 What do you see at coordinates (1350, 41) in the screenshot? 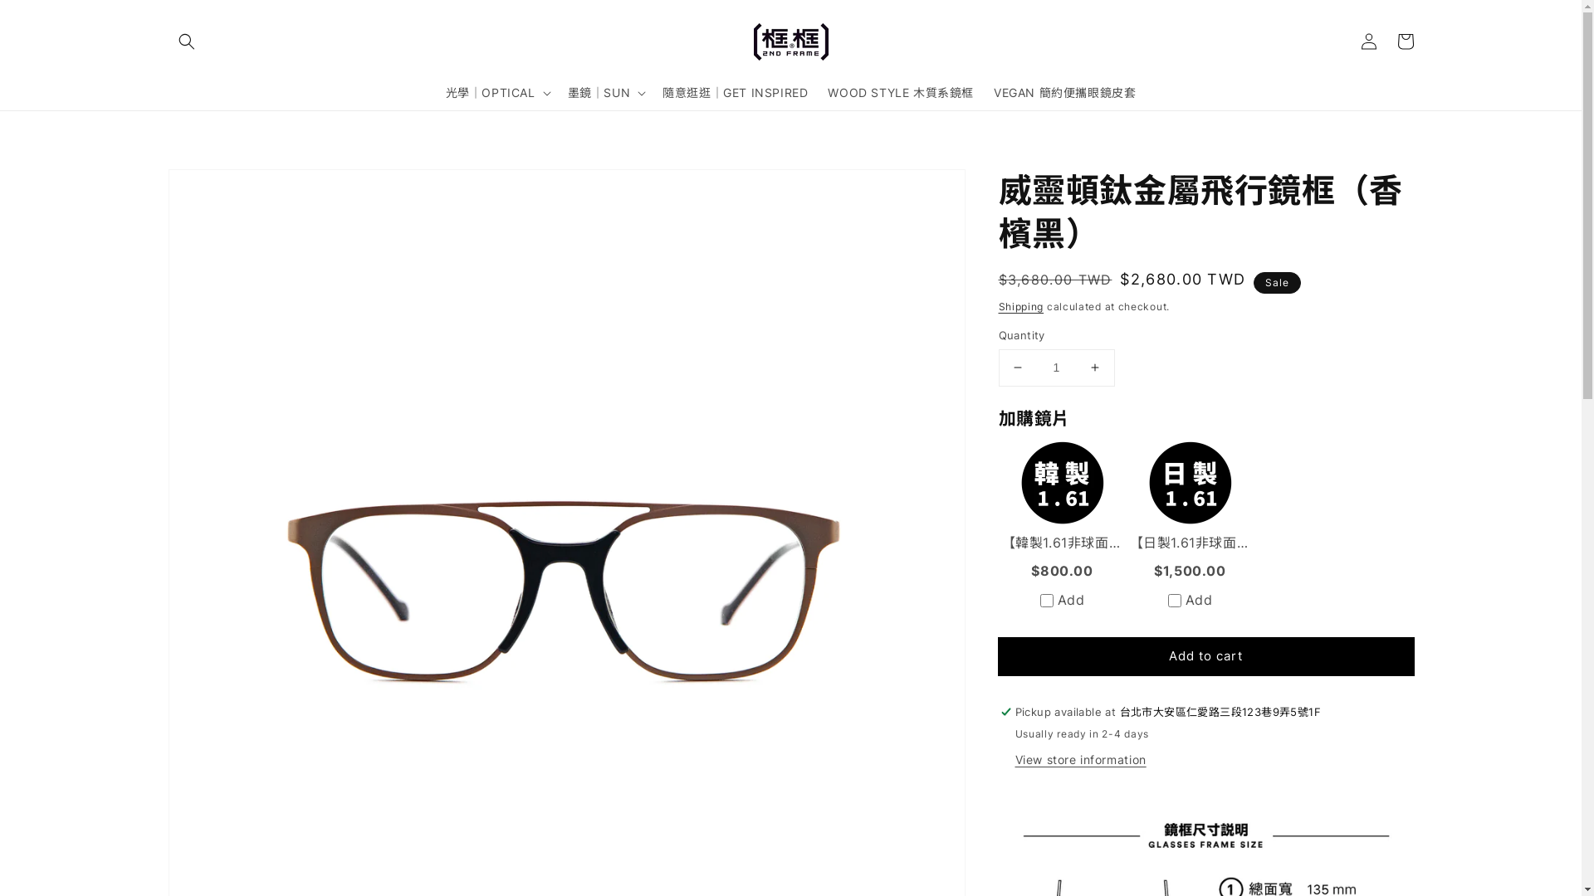
I see `'Log in'` at bounding box center [1350, 41].